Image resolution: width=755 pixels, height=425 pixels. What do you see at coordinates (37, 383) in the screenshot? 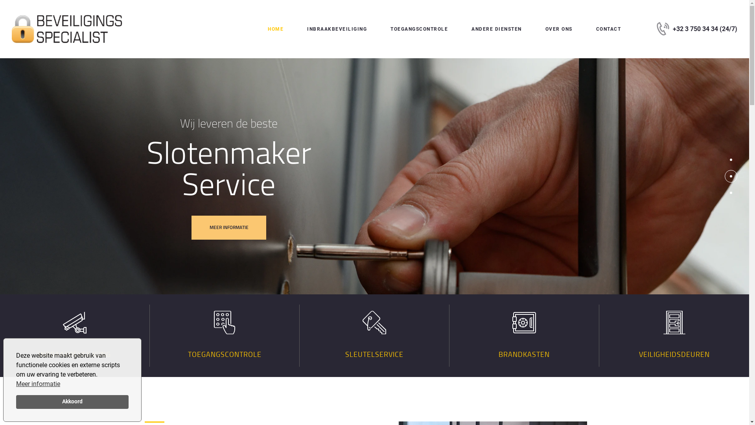
I see `'Meer informatie'` at bounding box center [37, 383].